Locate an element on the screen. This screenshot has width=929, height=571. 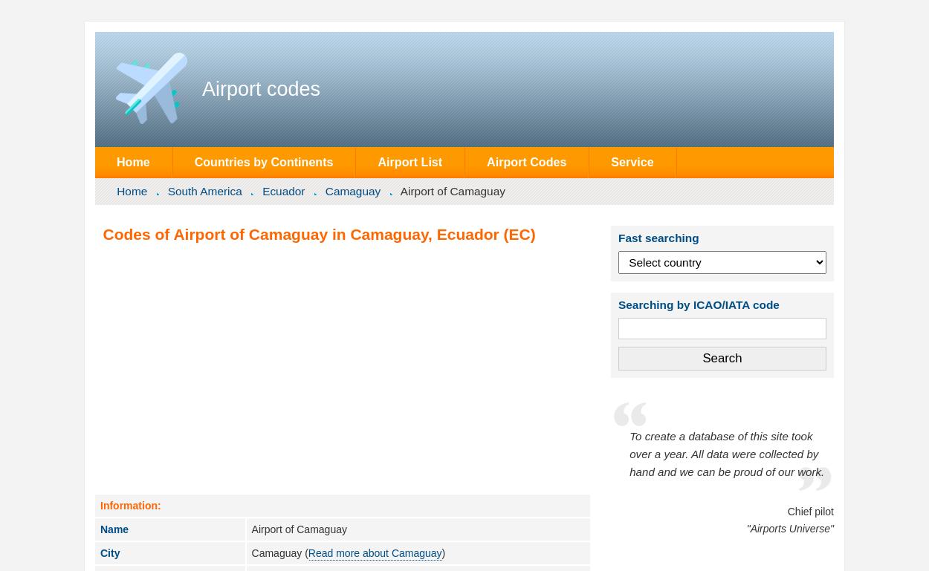
'Fast searching' is located at coordinates (658, 237).